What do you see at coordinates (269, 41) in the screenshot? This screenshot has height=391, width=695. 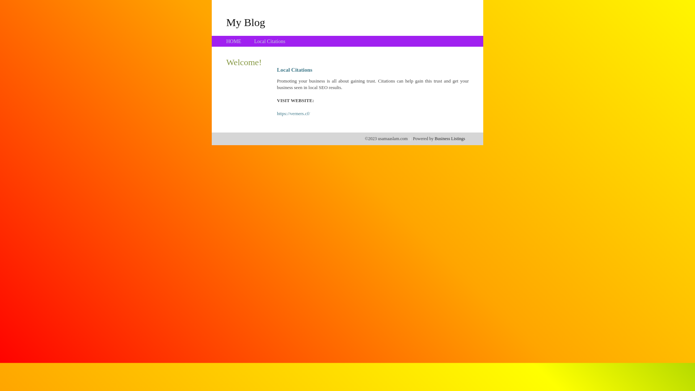 I see `'Local Citations'` at bounding box center [269, 41].